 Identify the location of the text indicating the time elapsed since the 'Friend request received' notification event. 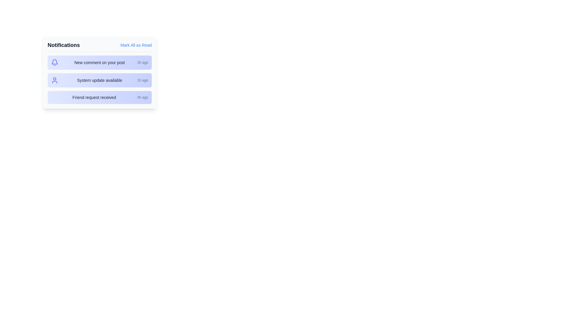
(143, 97).